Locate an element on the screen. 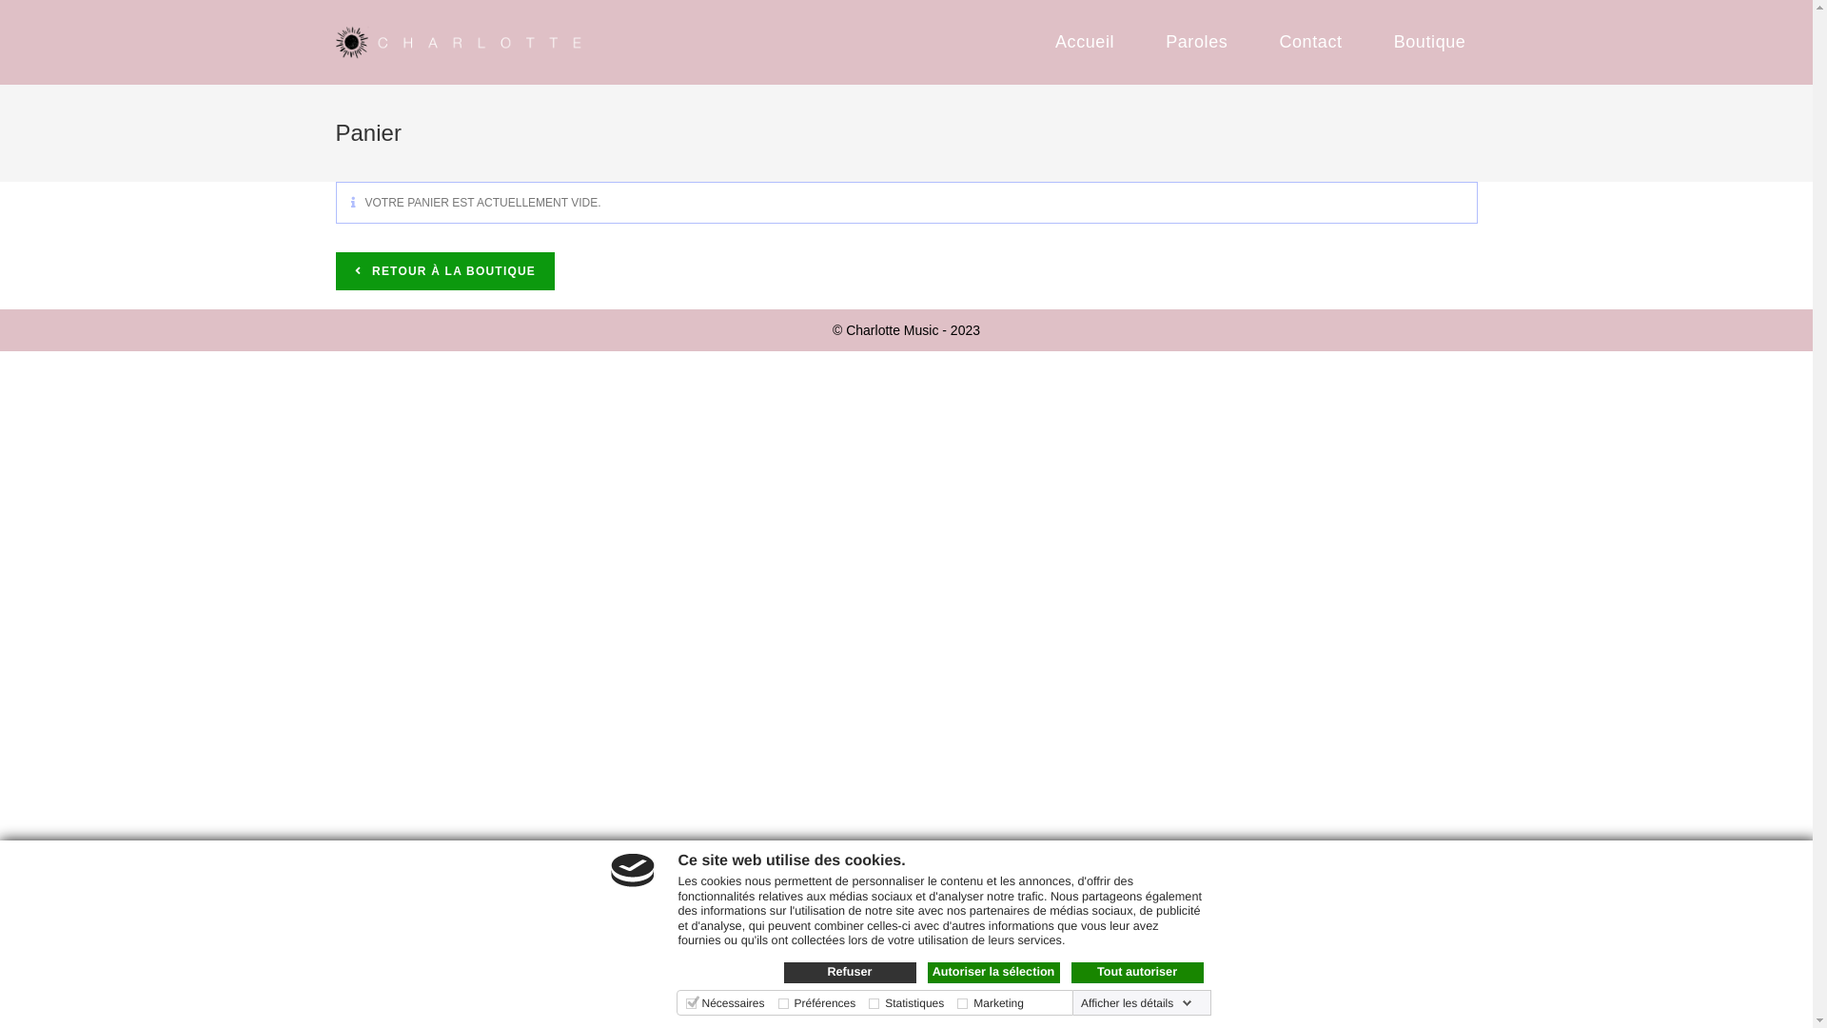 The width and height of the screenshot is (1827, 1028). 'Boutique' is located at coordinates (1429, 42).